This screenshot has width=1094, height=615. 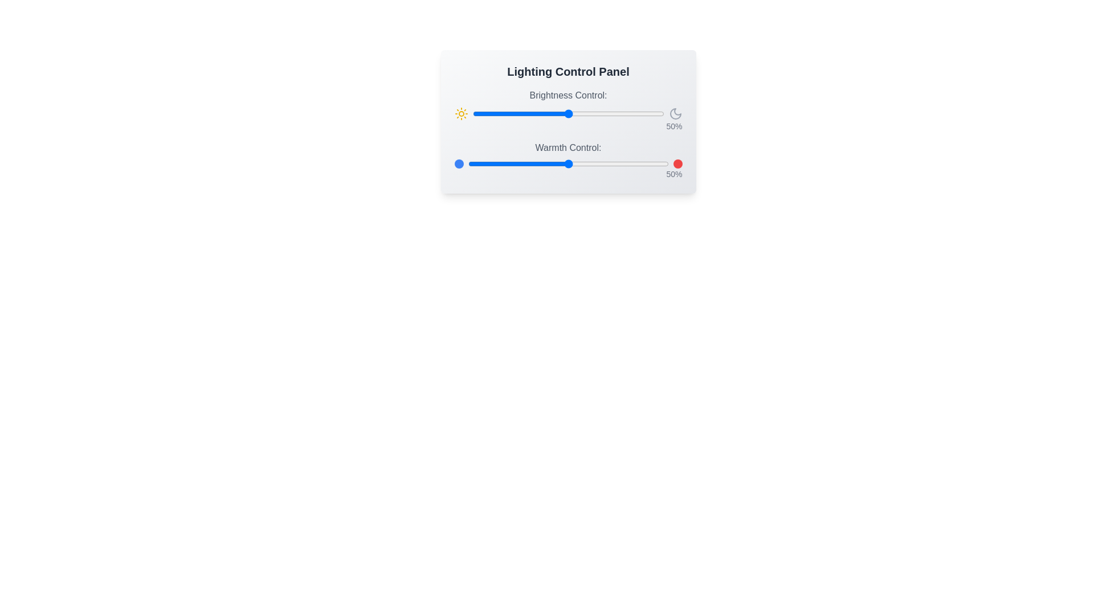 What do you see at coordinates (516, 164) in the screenshot?
I see `the warmth level` at bounding box center [516, 164].